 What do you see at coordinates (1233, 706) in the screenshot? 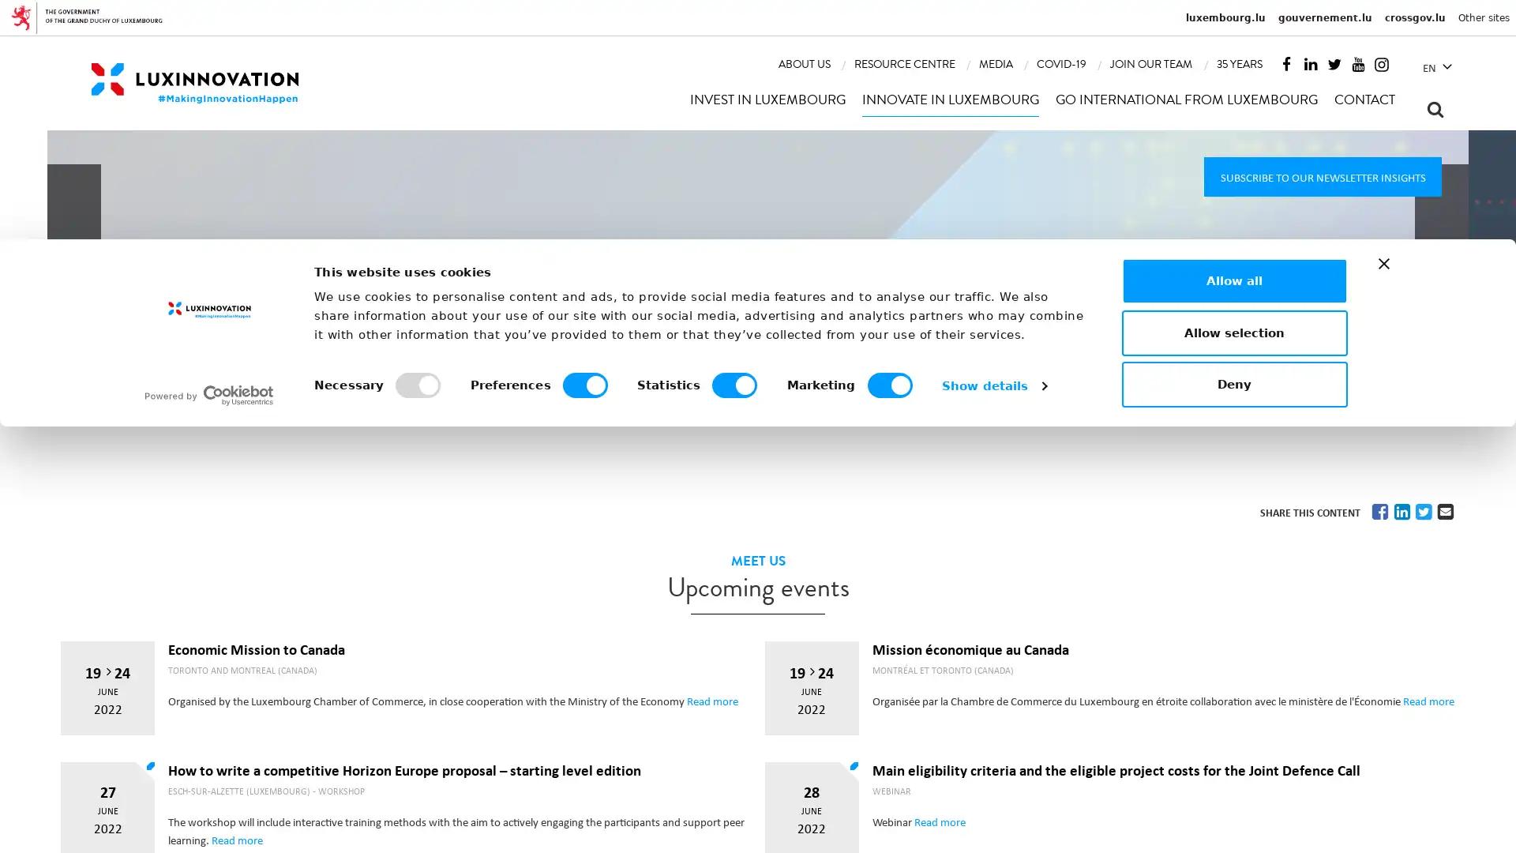
I see `Allow all` at bounding box center [1233, 706].